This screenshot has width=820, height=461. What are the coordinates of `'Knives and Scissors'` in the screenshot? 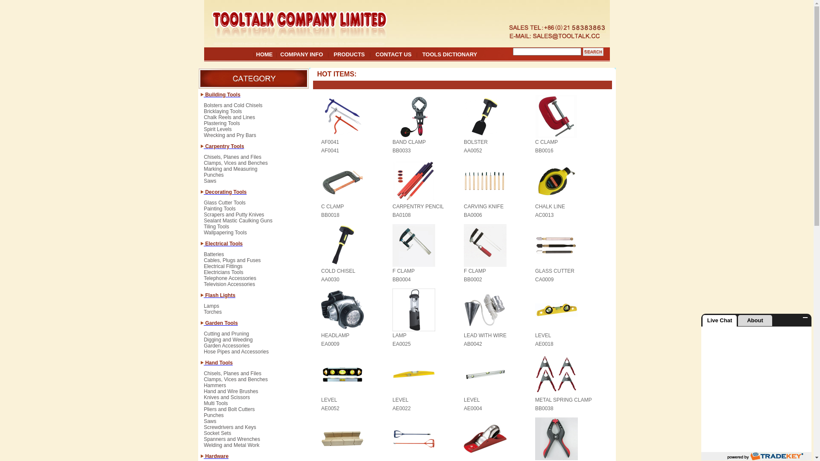 It's located at (227, 400).